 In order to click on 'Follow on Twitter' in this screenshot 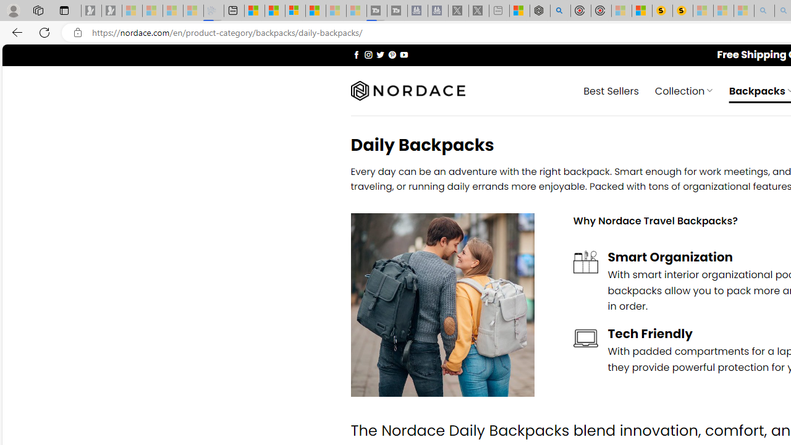, I will do `click(379, 54)`.